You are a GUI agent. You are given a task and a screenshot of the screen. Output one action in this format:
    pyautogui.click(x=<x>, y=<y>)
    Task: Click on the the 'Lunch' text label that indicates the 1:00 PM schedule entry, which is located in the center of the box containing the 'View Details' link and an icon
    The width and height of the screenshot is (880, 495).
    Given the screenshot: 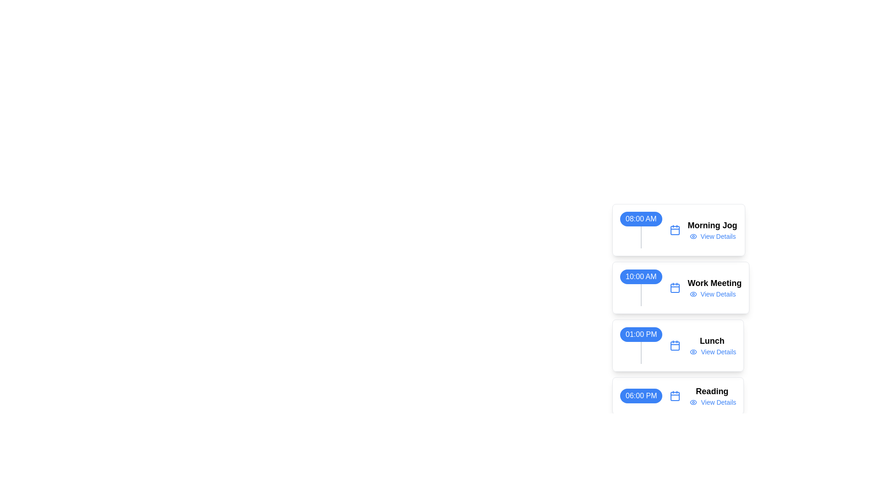 What is the action you would take?
    pyautogui.click(x=711, y=341)
    